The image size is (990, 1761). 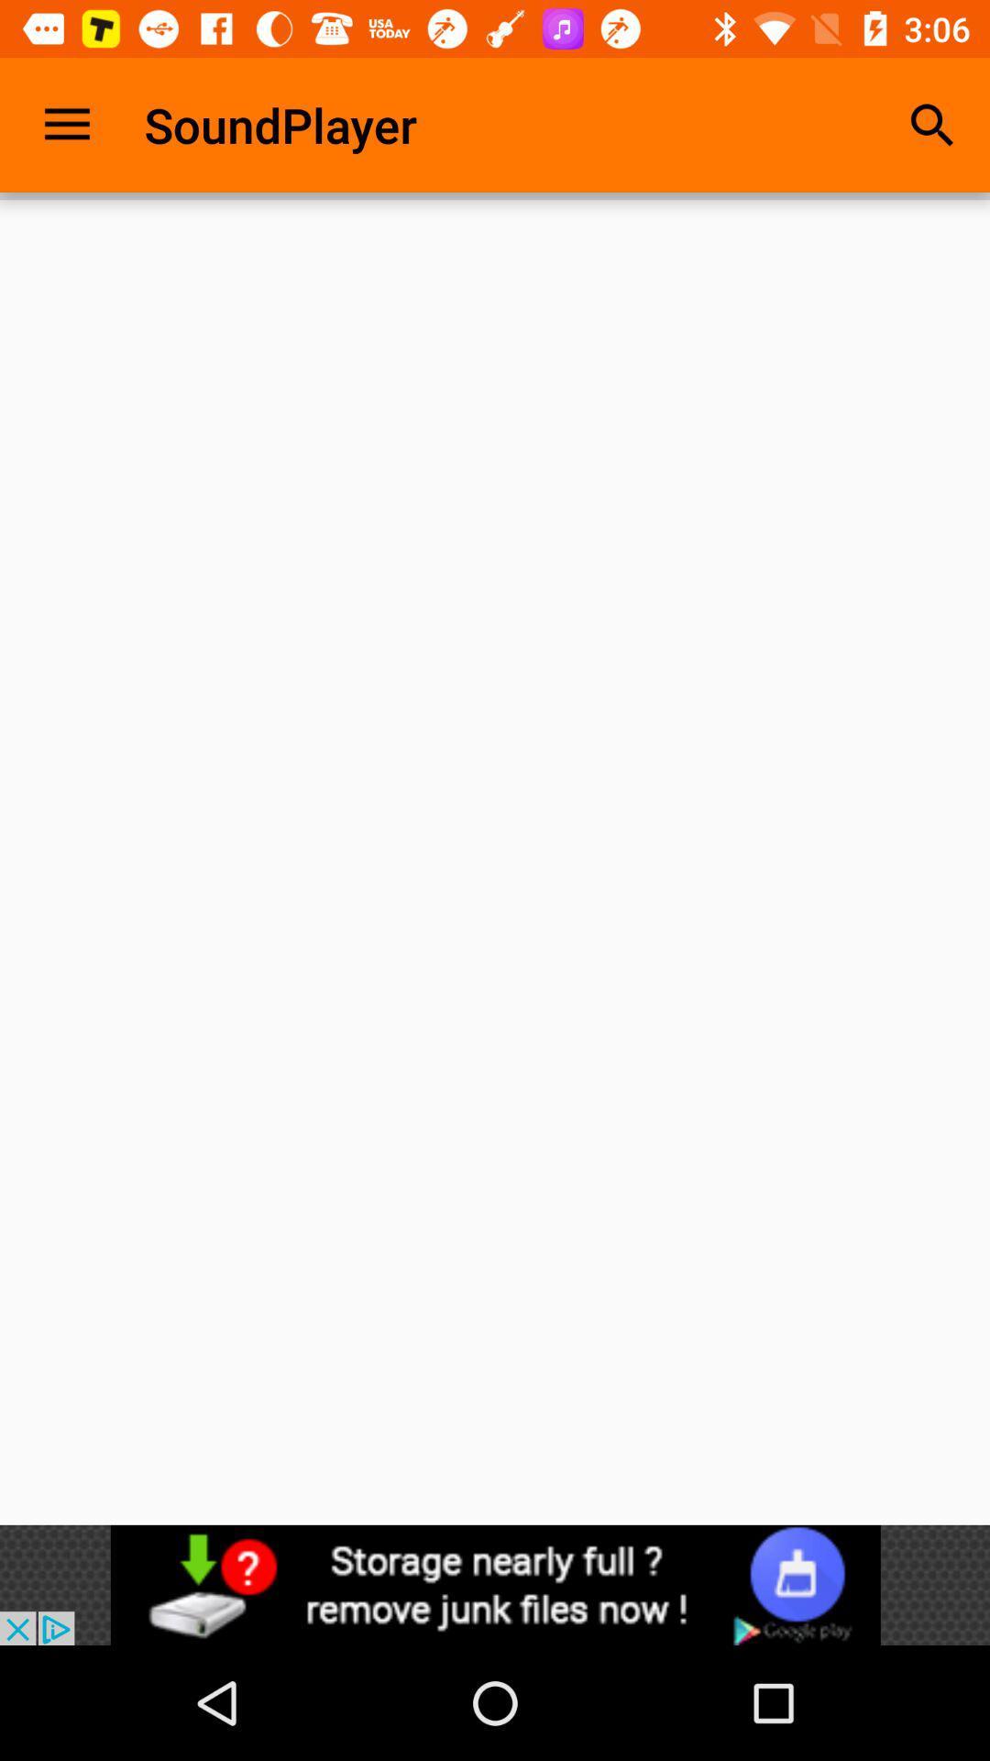 What do you see at coordinates (495, 1584) in the screenshot?
I see `advertisement` at bounding box center [495, 1584].